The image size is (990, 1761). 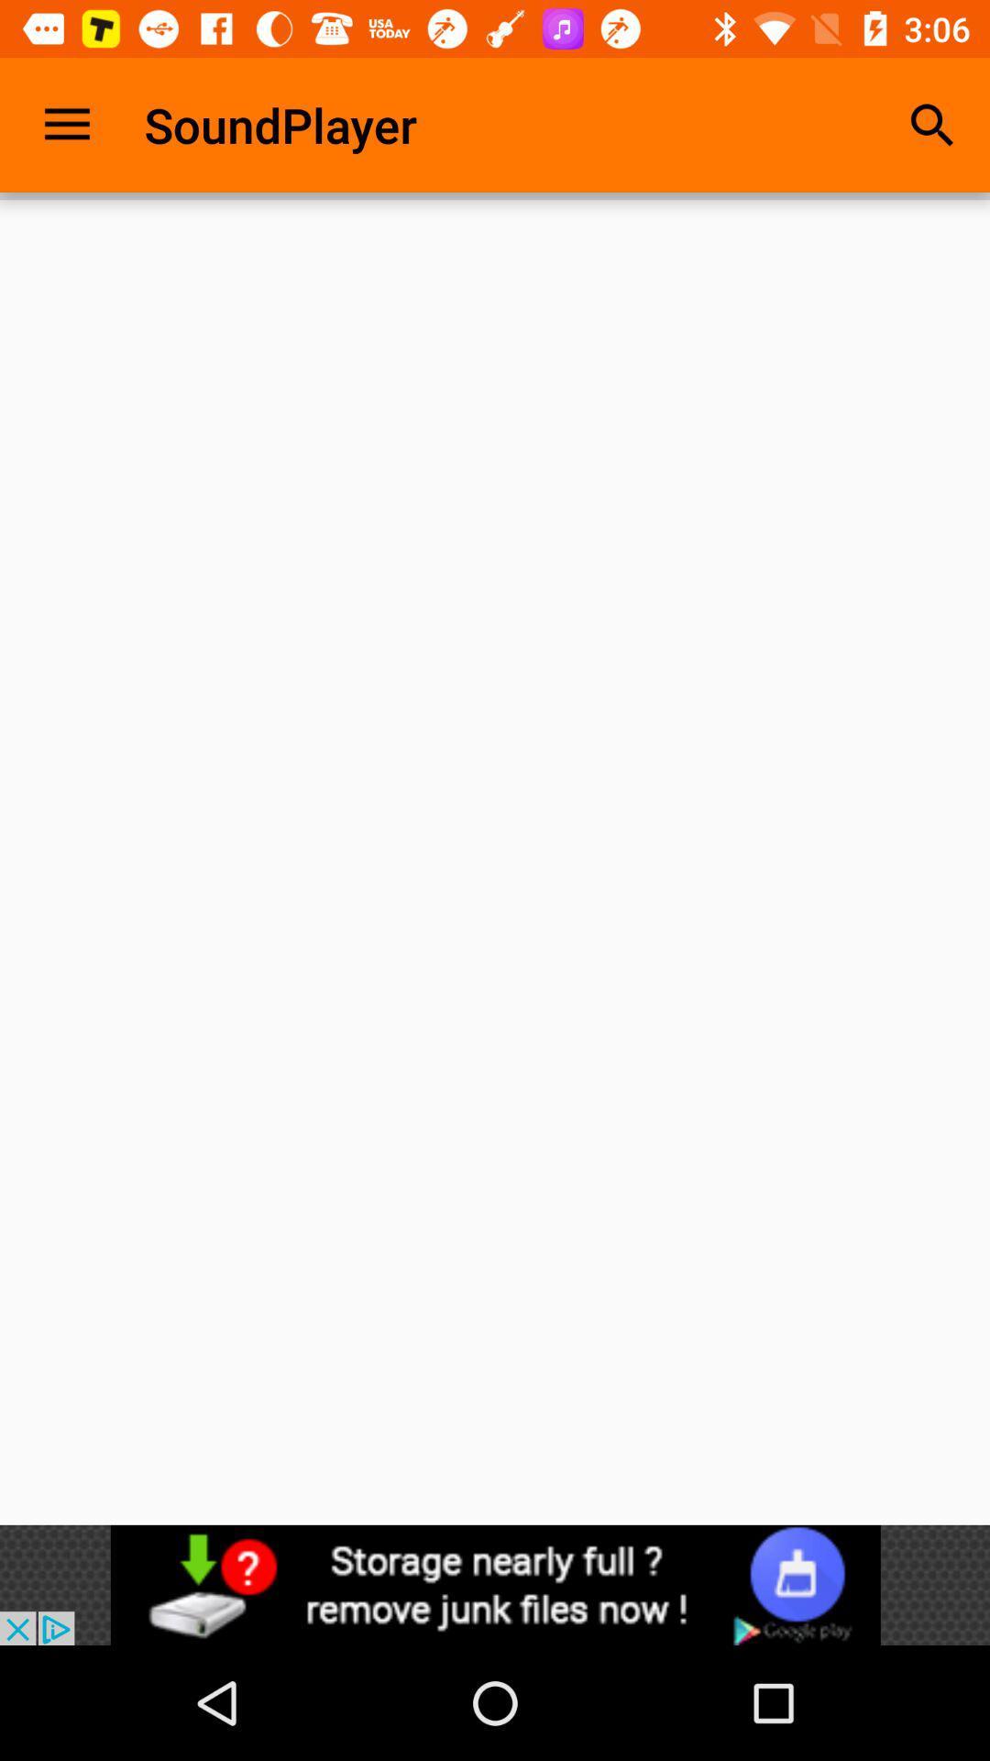 What do you see at coordinates (495, 1584) in the screenshot?
I see `advertisement` at bounding box center [495, 1584].